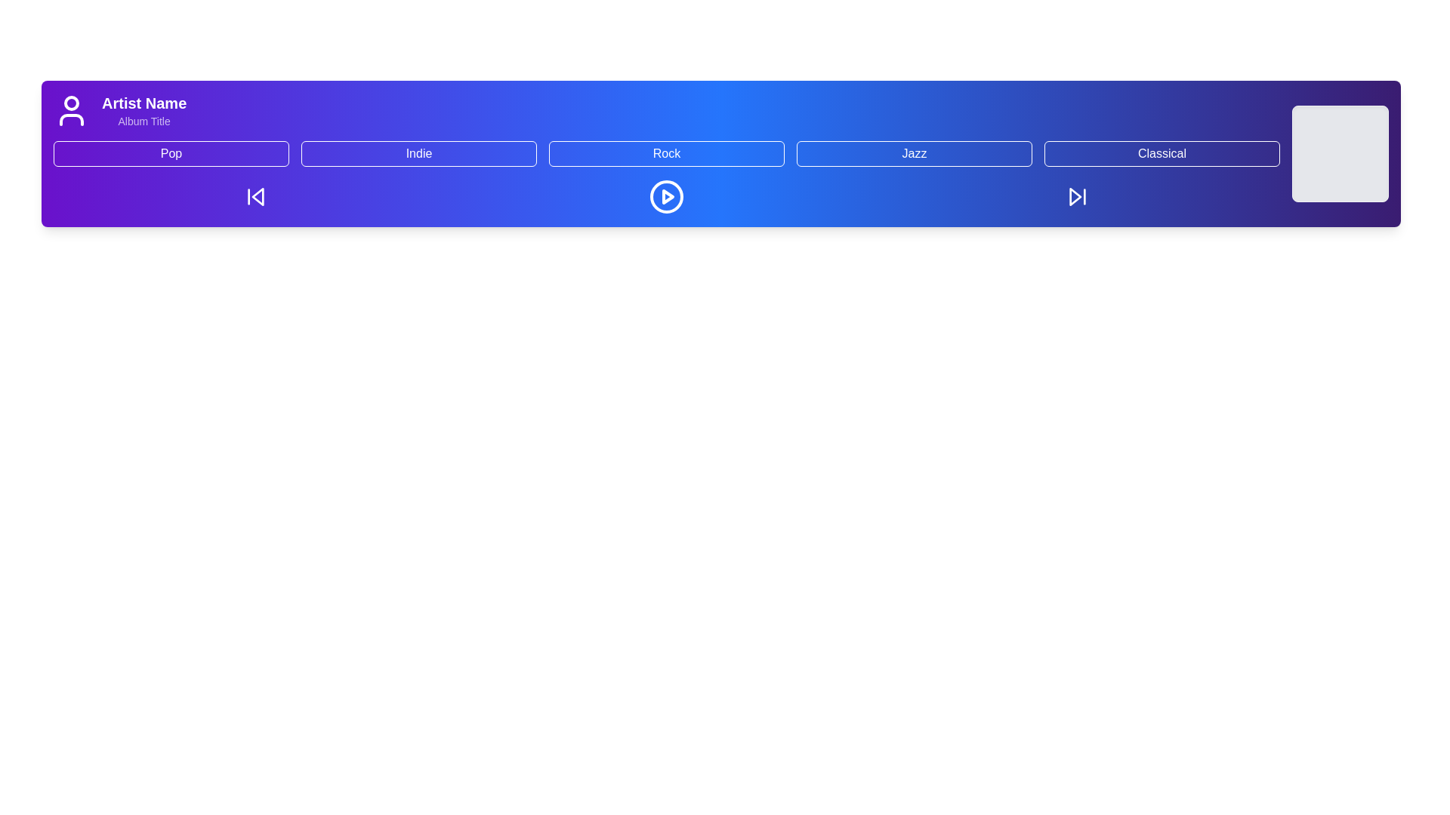 The width and height of the screenshot is (1450, 815). Describe the element at coordinates (666, 196) in the screenshot. I see `the circular graphic component that serves as a decorative play button in the media control interface, positioned between the 'Rock' and 'Jazz' buttons` at that location.